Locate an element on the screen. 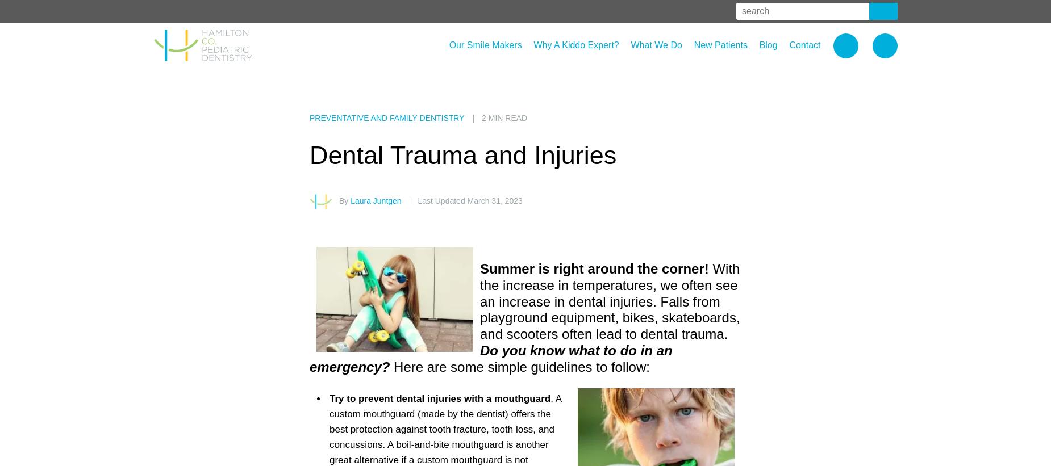 Image resolution: width=1051 pixels, height=466 pixels. 'Why a Kiddo Expert?' is located at coordinates (575, 45).